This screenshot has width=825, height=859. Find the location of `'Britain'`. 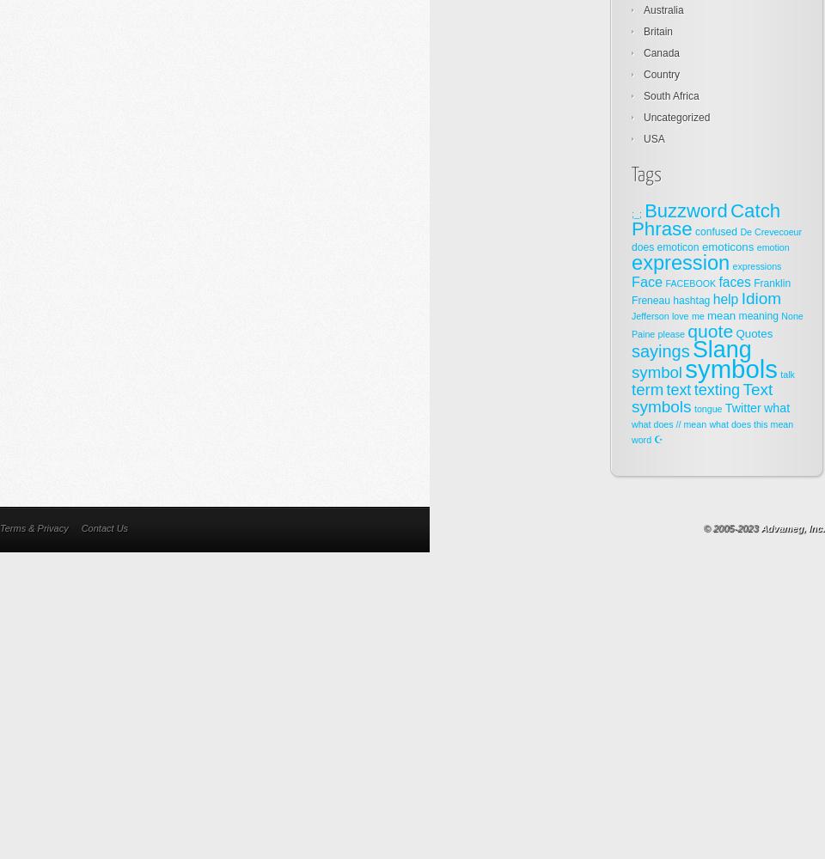

'Britain' is located at coordinates (642, 32).